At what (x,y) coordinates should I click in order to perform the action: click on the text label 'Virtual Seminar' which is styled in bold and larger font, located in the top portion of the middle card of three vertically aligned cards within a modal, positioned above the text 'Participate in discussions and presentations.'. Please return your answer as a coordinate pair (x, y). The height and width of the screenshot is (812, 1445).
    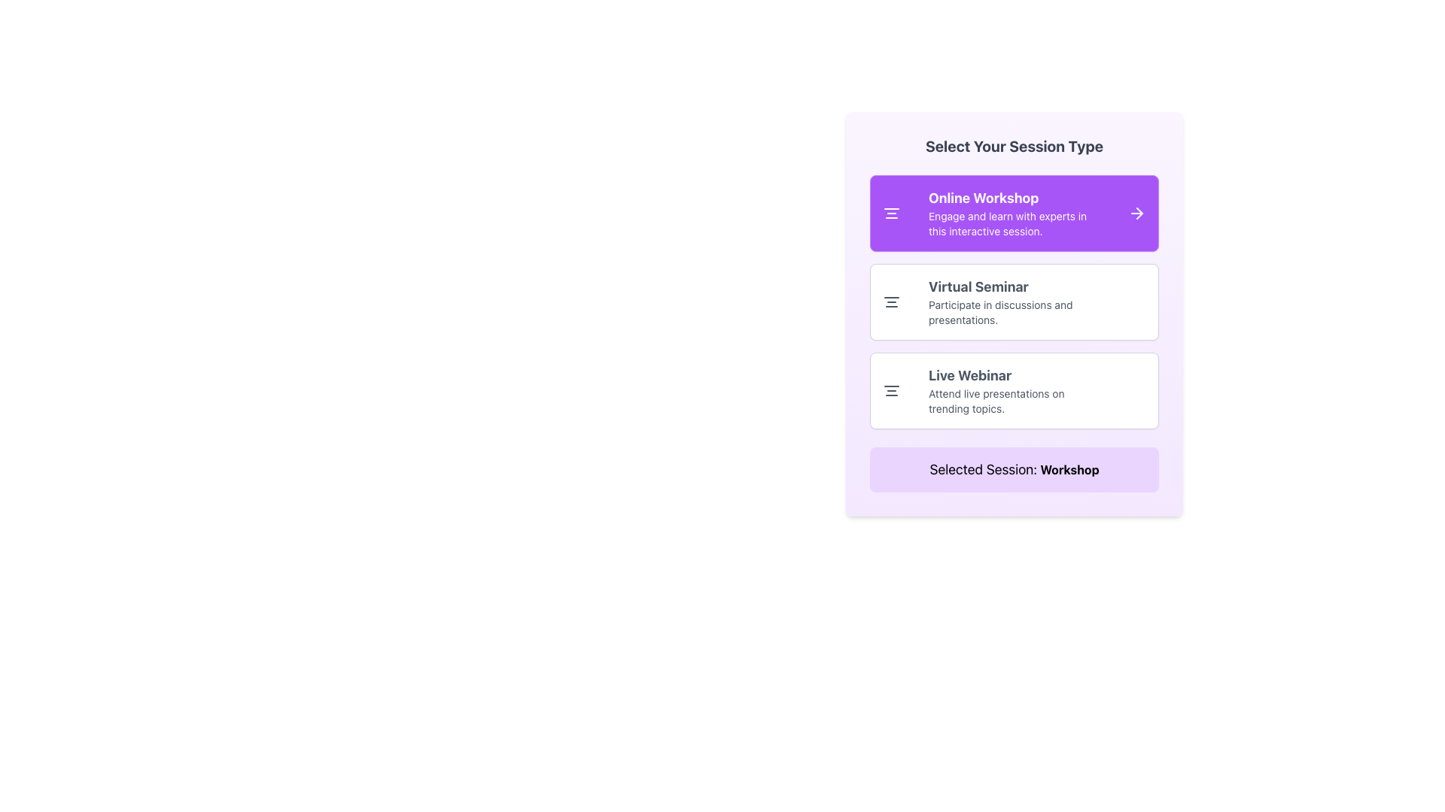
    Looking at the image, I should click on (1015, 286).